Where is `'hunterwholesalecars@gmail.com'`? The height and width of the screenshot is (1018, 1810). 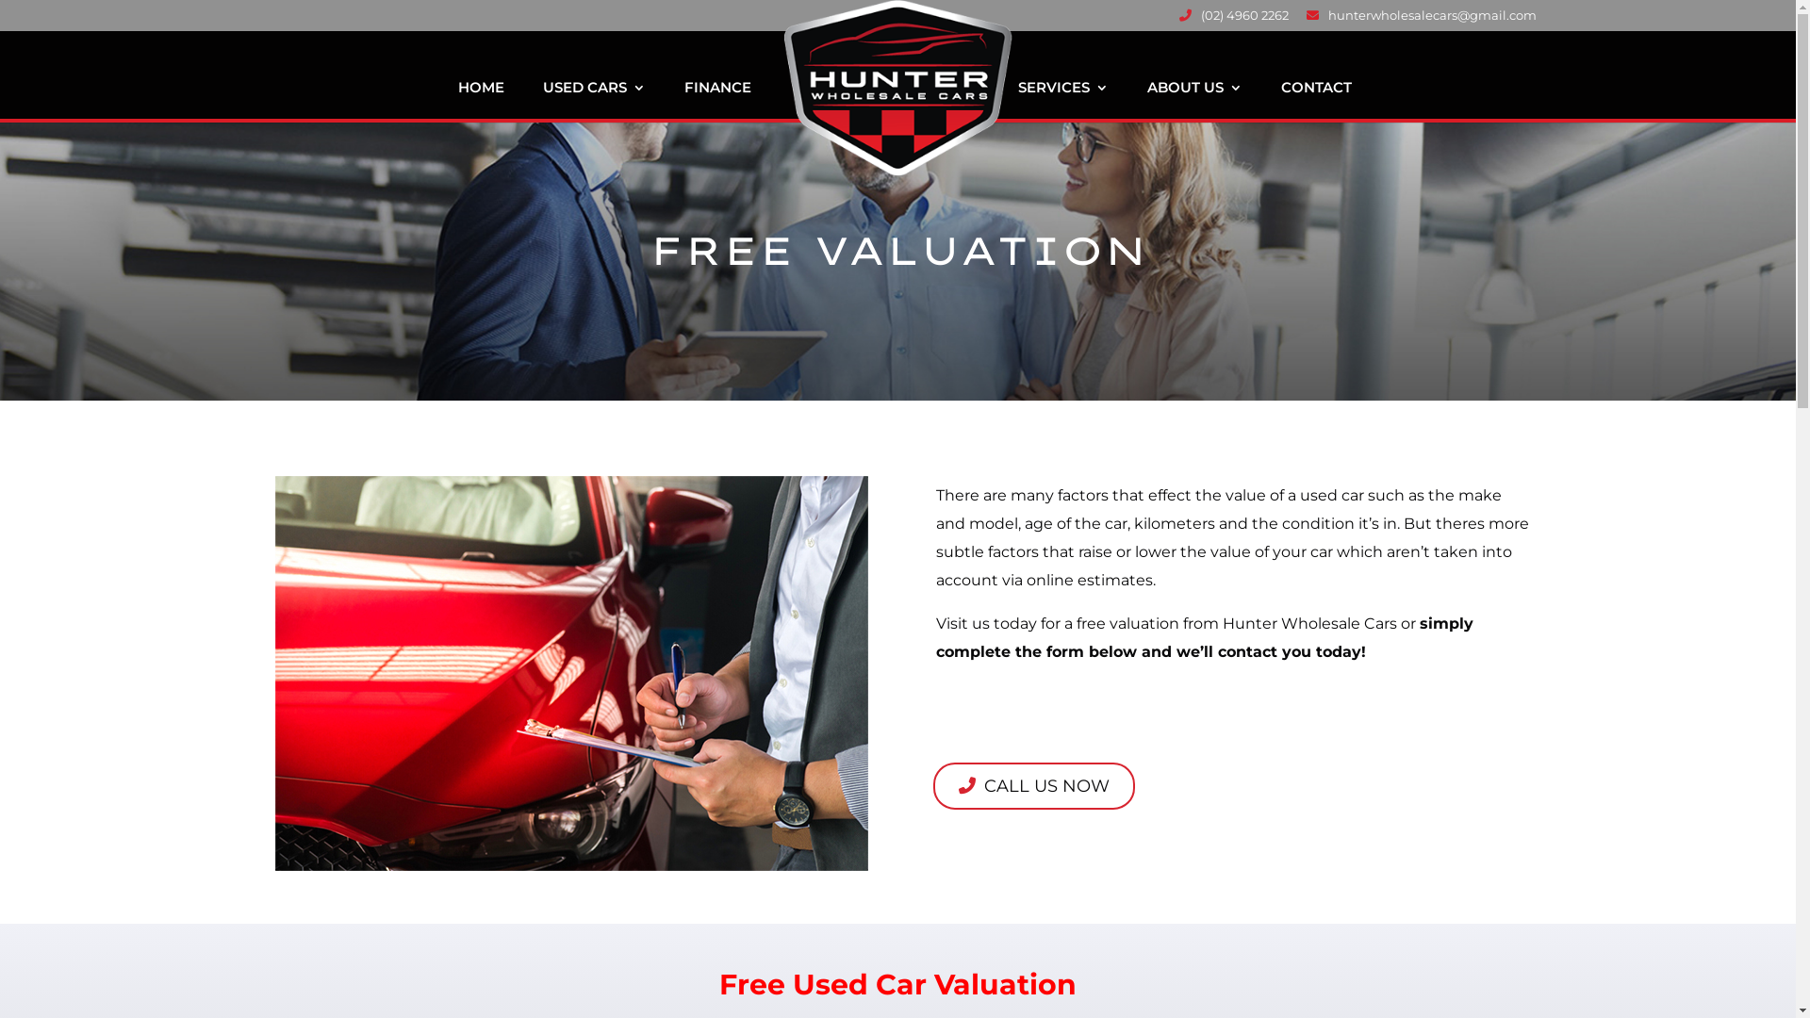
'hunterwholesalecars@gmail.com' is located at coordinates (1421, 20).